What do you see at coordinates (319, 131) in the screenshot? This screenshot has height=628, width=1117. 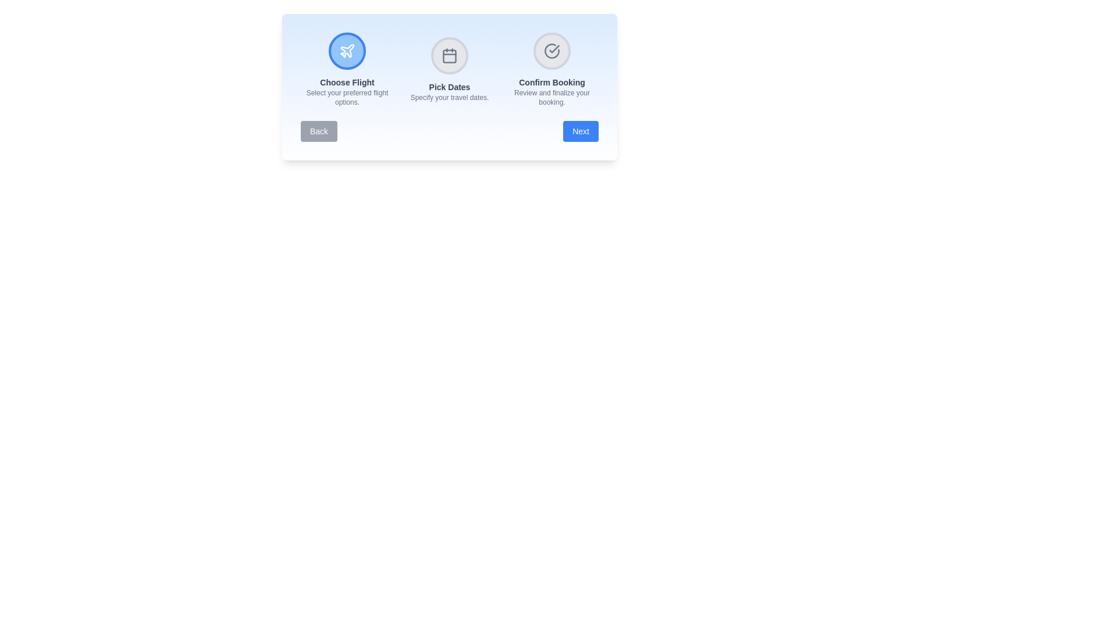 I see `the Back button to navigate through the steps` at bounding box center [319, 131].